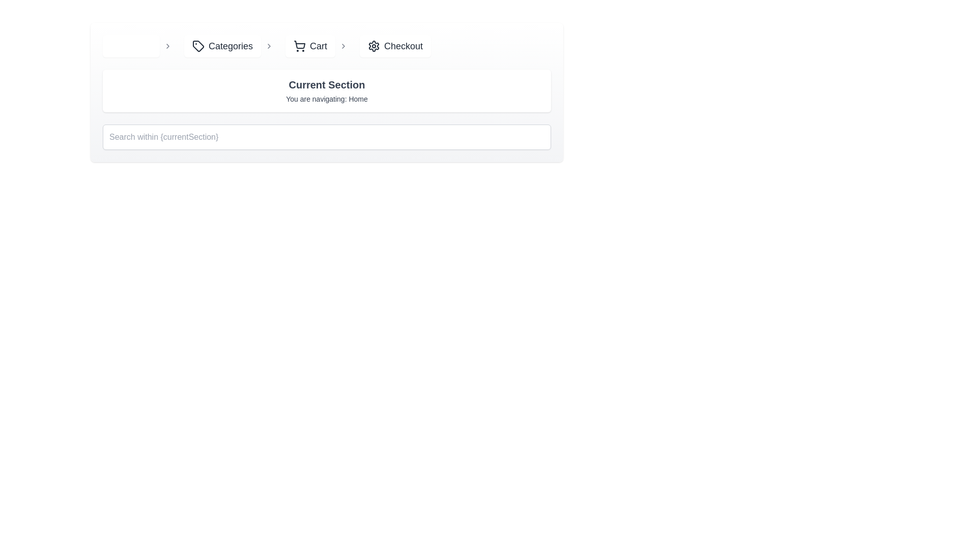 This screenshot has width=977, height=549. What do you see at coordinates (327, 46) in the screenshot?
I see `the third breadcrumb link in the navigation bar` at bounding box center [327, 46].